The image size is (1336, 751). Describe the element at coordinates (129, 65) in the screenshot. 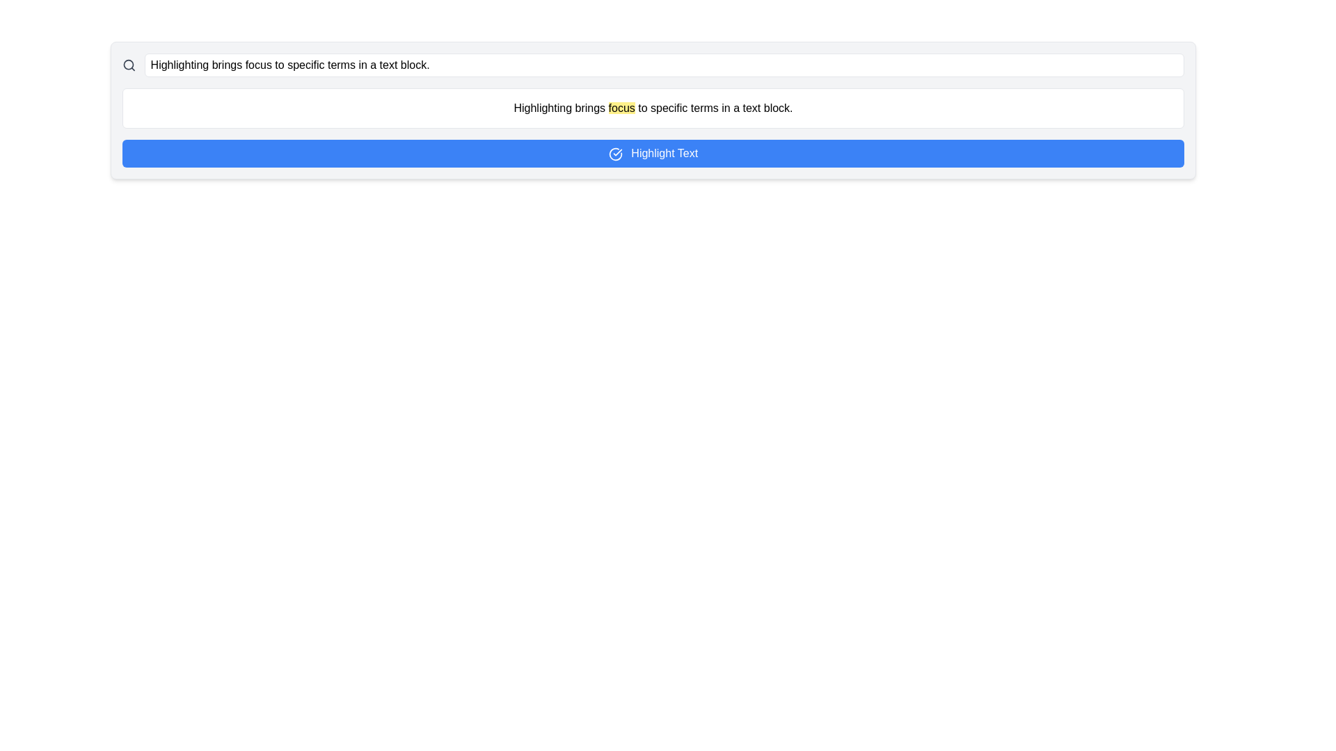

I see `the magnifying glass icon indicating a search function` at that location.